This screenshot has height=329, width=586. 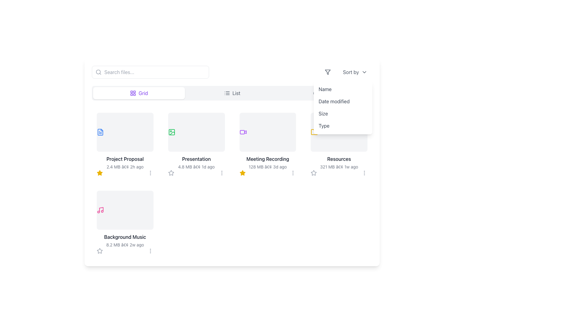 I want to click on the Dropdown menu trigger located in the top-right corner of the layout, so click(x=347, y=72).